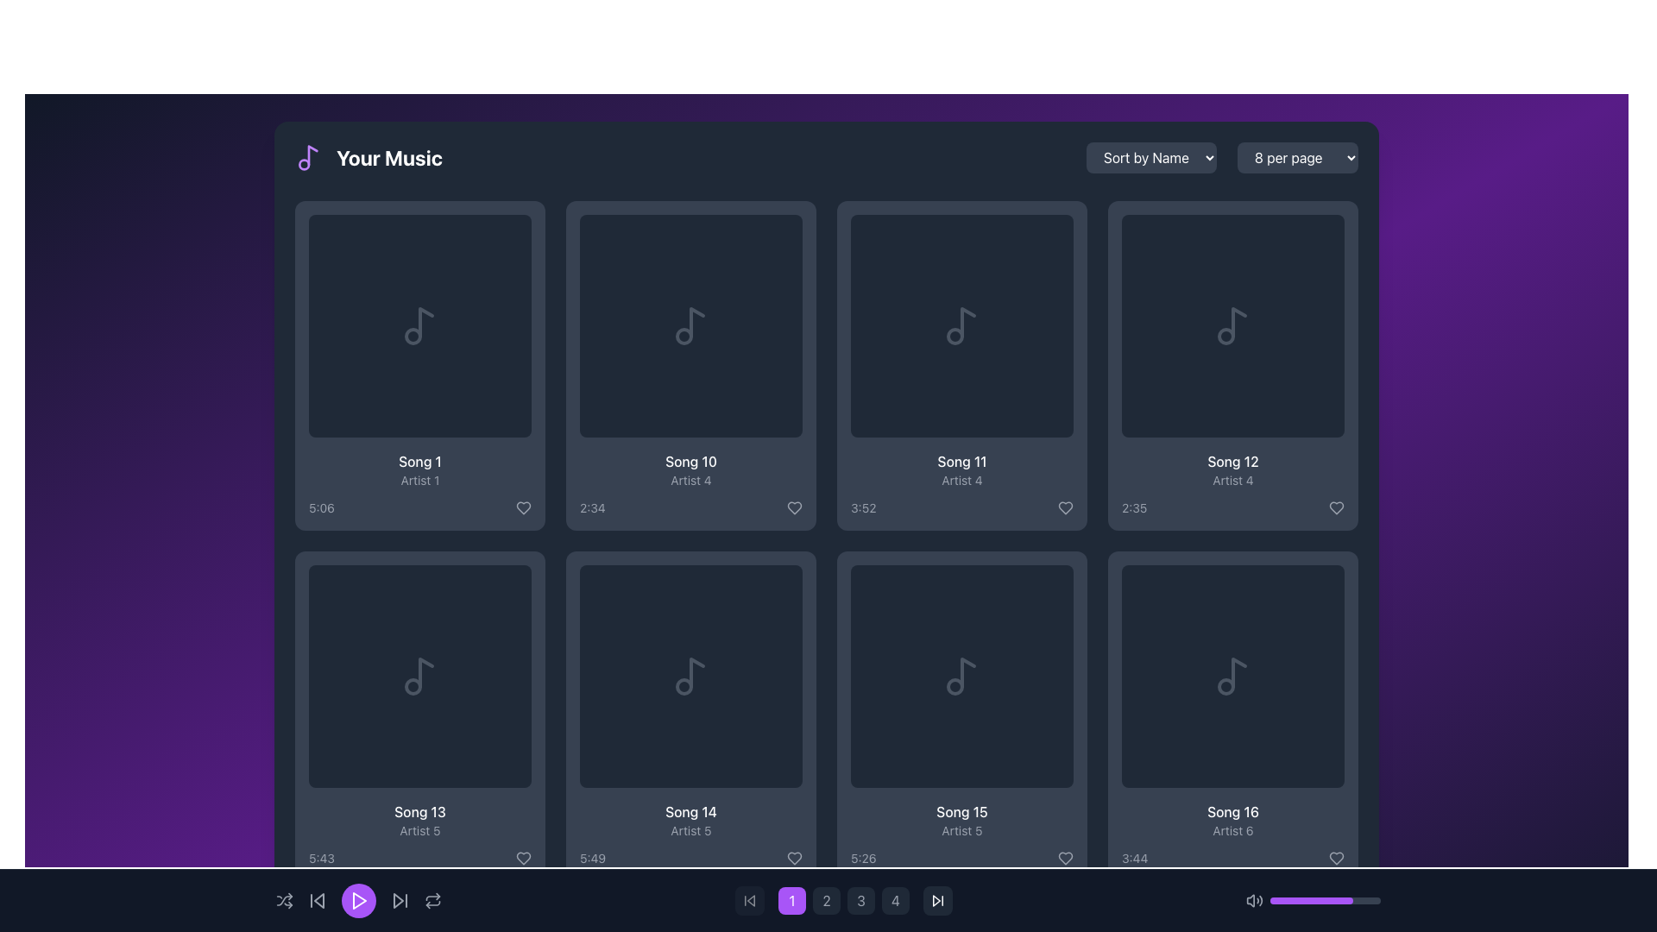 The width and height of the screenshot is (1657, 932). Describe the element at coordinates (691, 675) in the screenshot. I see `the play button icon for 'Song 14' by 'Artist 5'` at that location.